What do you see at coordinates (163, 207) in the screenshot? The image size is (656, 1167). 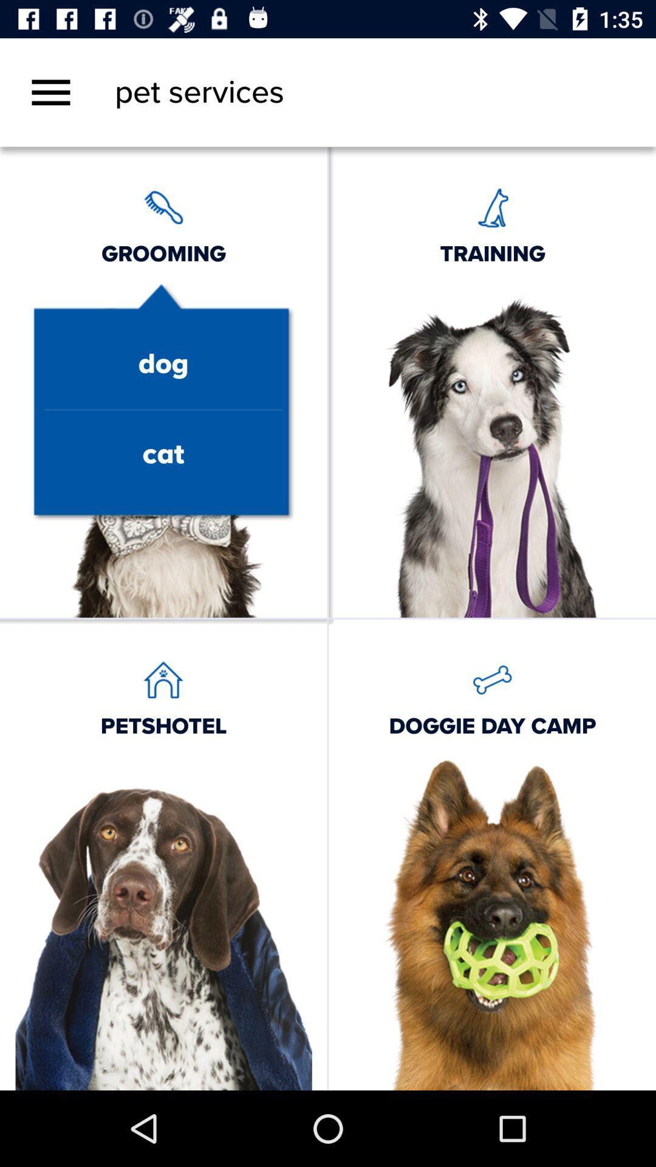 I see `the icon which is above the text grooming` at bounding box center [163, 207].